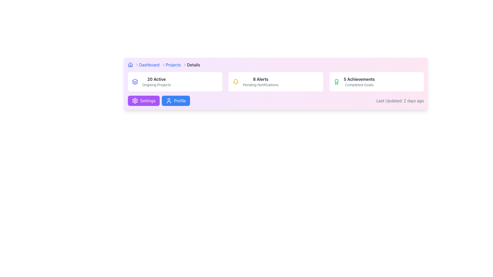  What do you see at coordinates (130, 65) in the screenshot?
I see `the 'Home' icon link located in the breadcrumb navigation at the top-left corner` at bounding box center [130, 65].